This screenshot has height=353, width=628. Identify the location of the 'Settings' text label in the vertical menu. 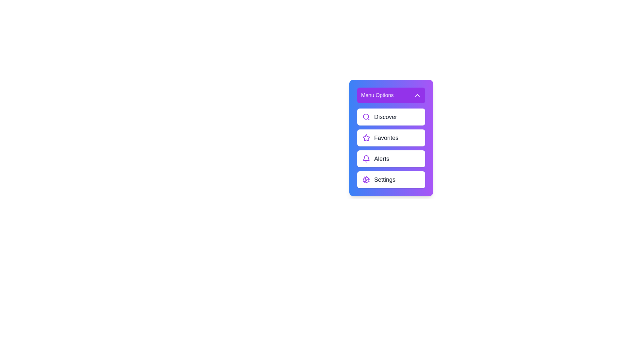
(385, 180).